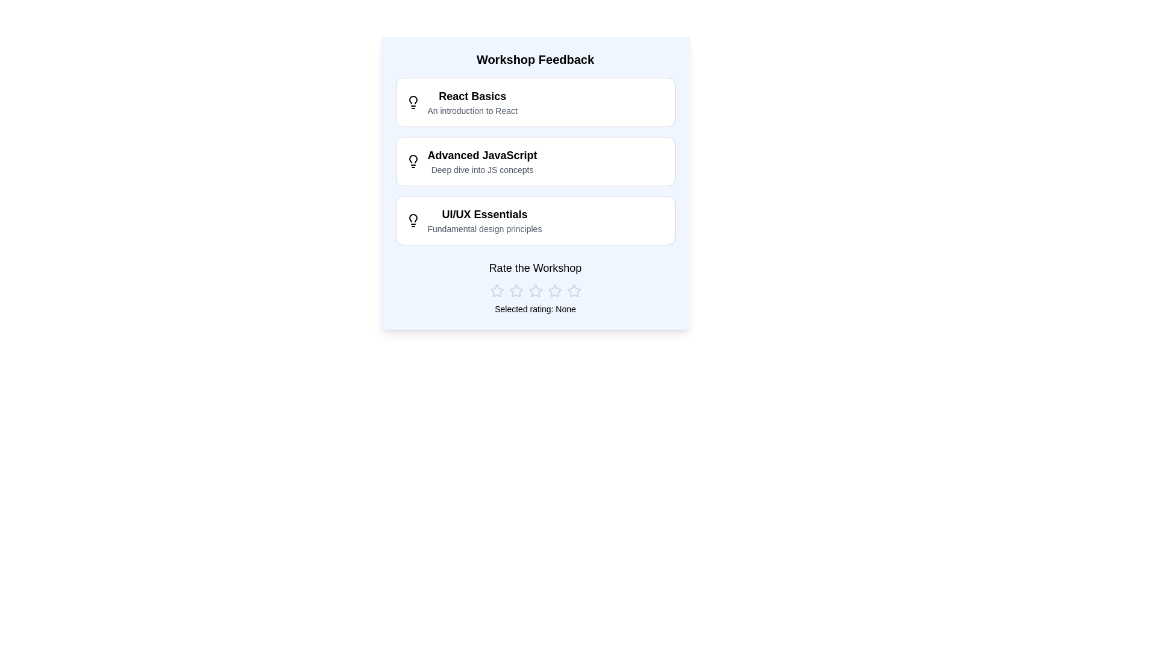 The image size is (1157, 651). What do you see at coordinates (573, 291) in the screenshot?
I see `the fifth star icon` at bounding box center [573, 291].